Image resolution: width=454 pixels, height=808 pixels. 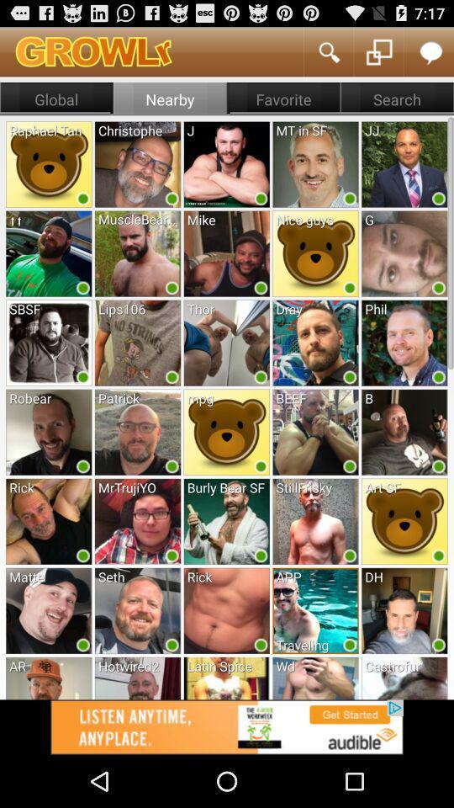 I want to click on the first image in second row, so click(x=49, y=253).